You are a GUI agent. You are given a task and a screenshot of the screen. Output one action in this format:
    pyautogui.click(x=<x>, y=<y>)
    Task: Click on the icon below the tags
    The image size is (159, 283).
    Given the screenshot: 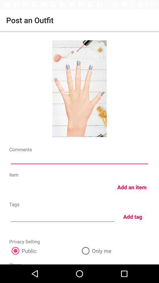 What is the action you would take?
    pyautogui.click(x=62, y=216)
    